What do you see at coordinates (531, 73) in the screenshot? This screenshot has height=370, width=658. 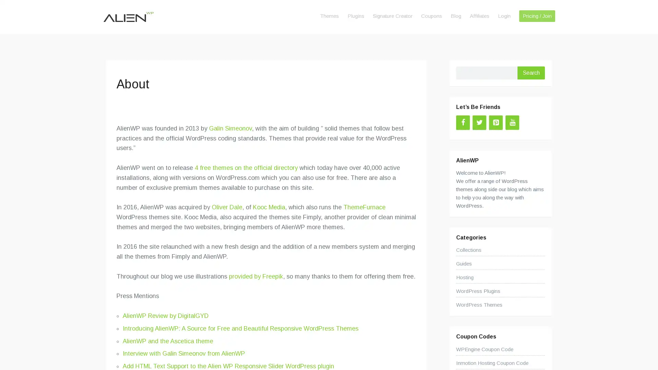 I see `Search` at bounding box center [531, 73].